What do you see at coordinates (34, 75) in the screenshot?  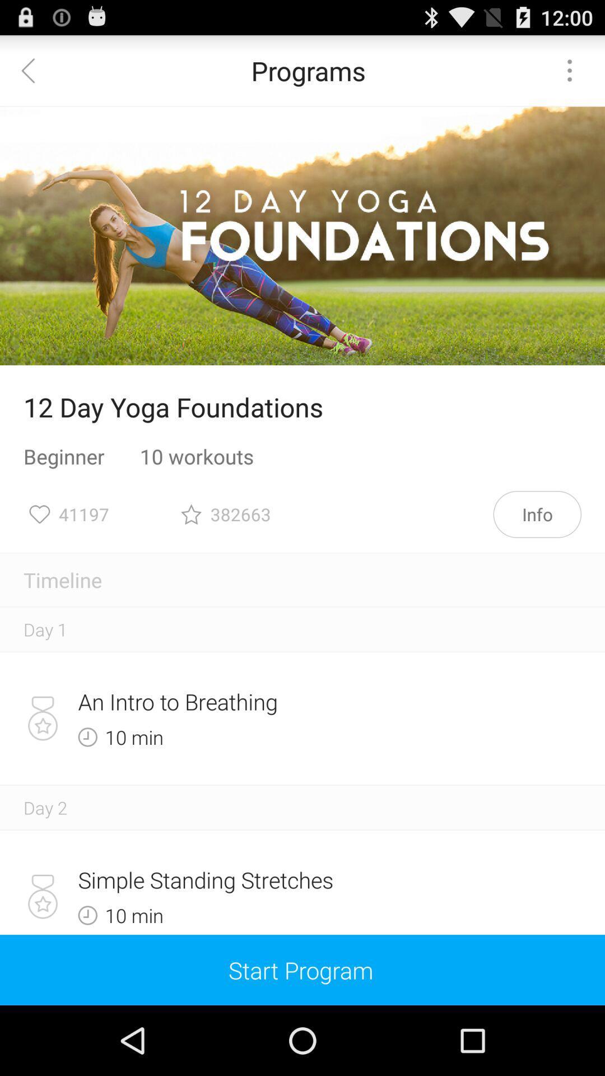 I see `the arrow_backward icon` at bounding box center [34, 75].